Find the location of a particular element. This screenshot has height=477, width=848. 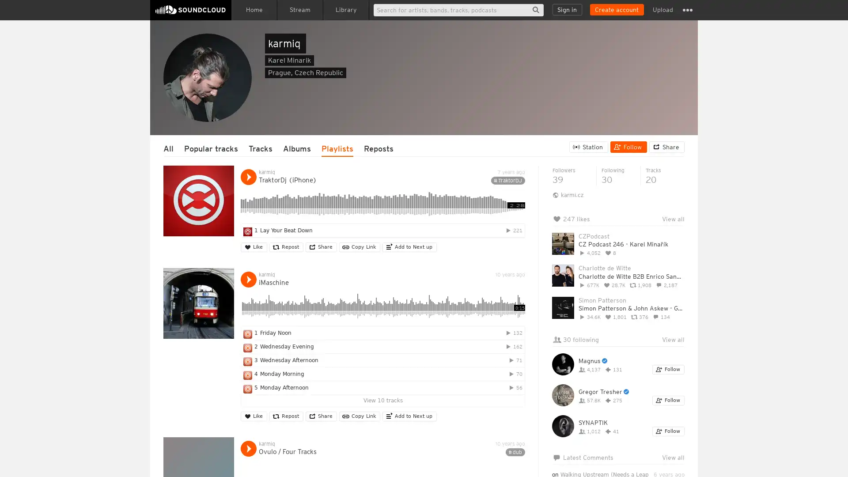

Copy Link is located at coordinates (360, 247).